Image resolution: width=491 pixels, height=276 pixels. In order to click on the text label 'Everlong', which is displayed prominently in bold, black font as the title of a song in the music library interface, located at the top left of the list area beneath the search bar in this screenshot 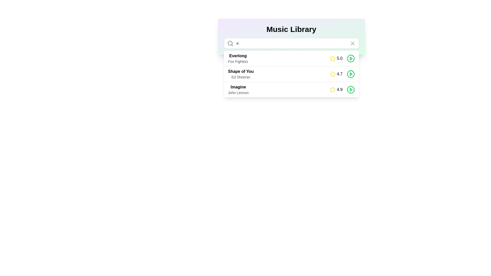, I will do `click(238, 56)`.